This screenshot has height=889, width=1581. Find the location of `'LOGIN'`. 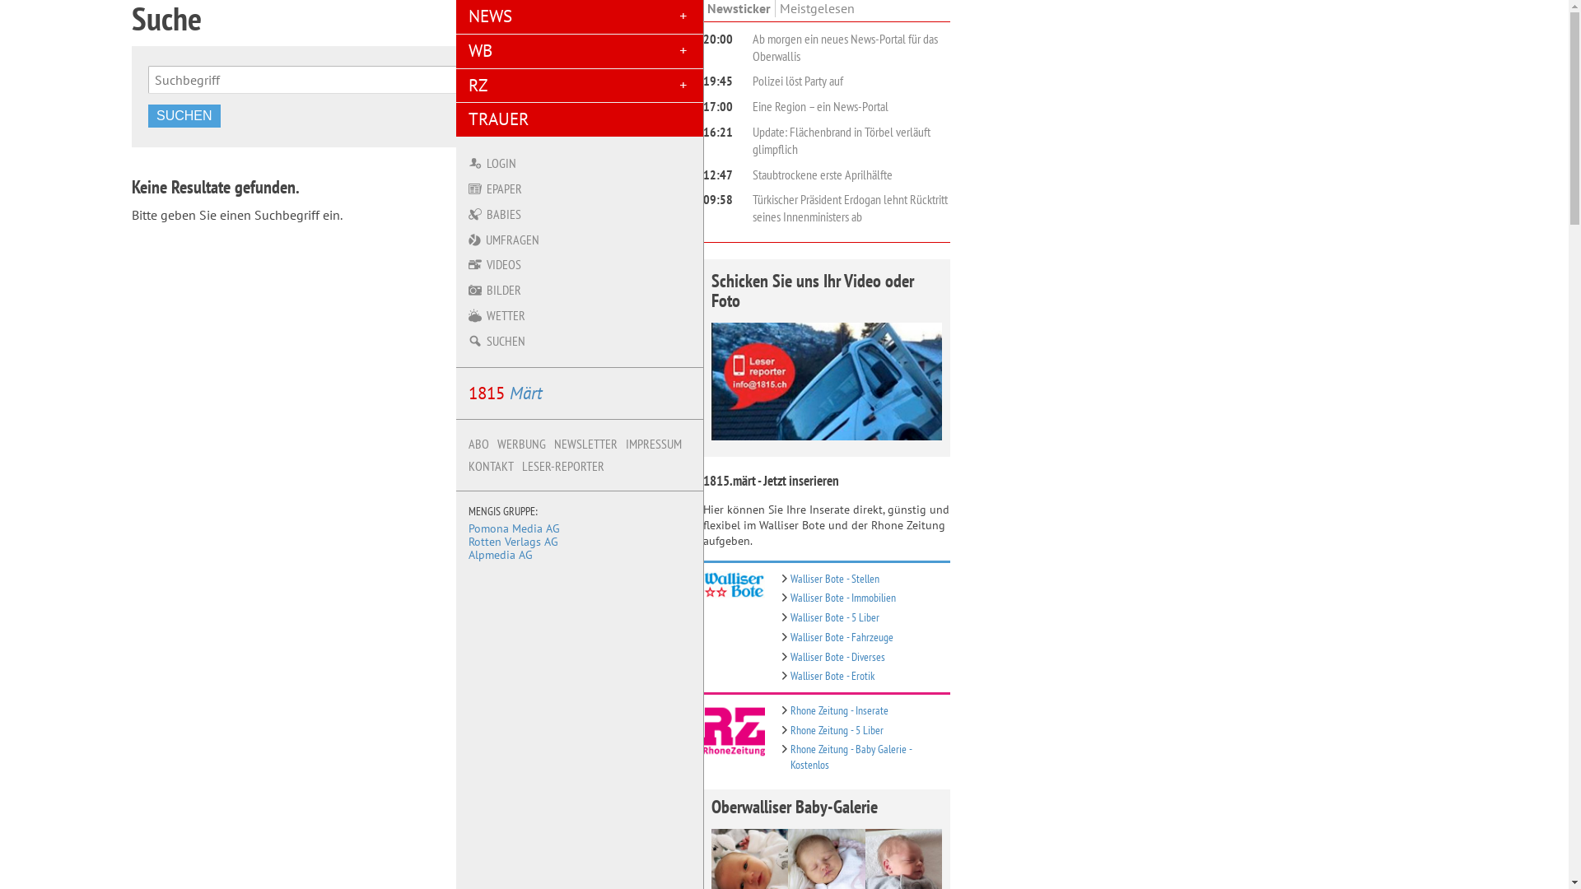

'LOGIN' is located at coordinates (455, 163).